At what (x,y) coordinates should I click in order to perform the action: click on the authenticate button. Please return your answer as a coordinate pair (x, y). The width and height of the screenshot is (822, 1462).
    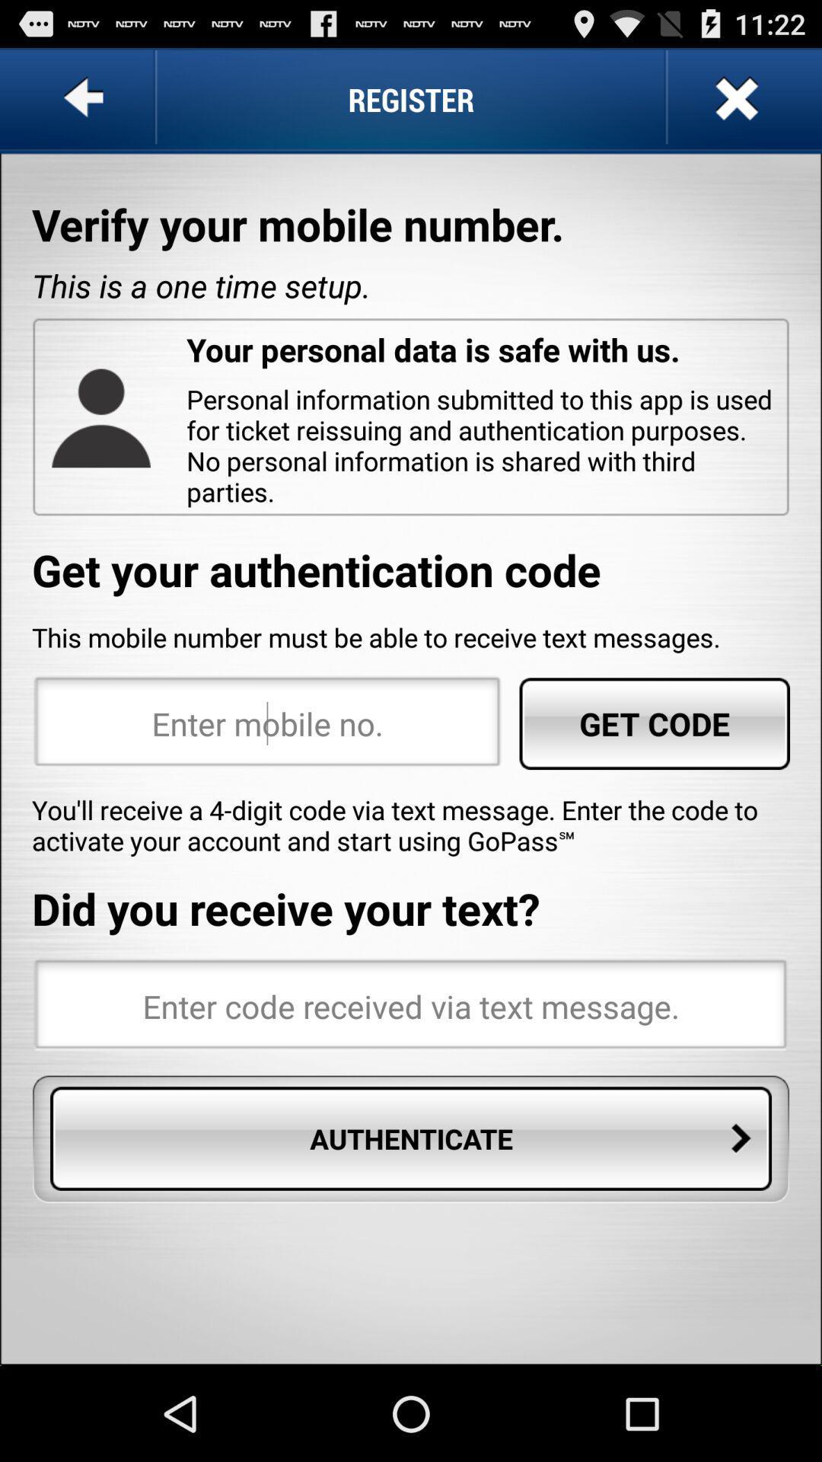
    Looking at the image, I should click on (411, 1138).